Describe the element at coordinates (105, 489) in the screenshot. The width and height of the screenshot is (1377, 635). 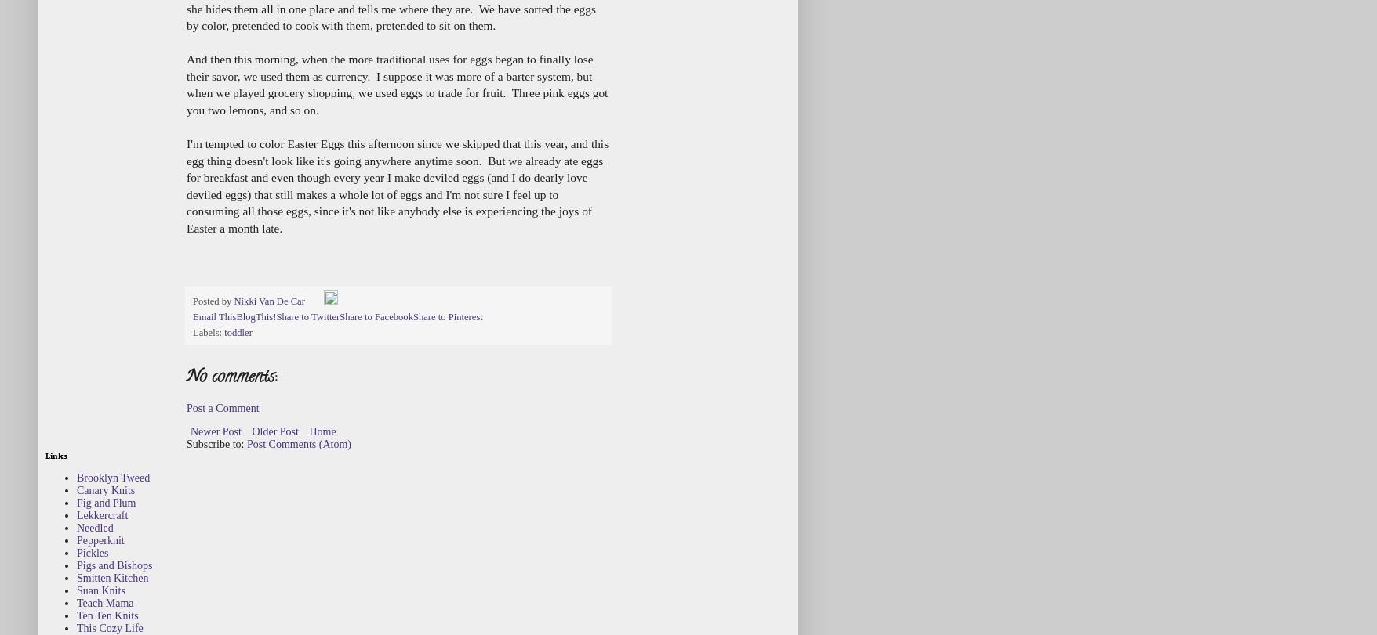
I see `'Canary Knits'` at that location.